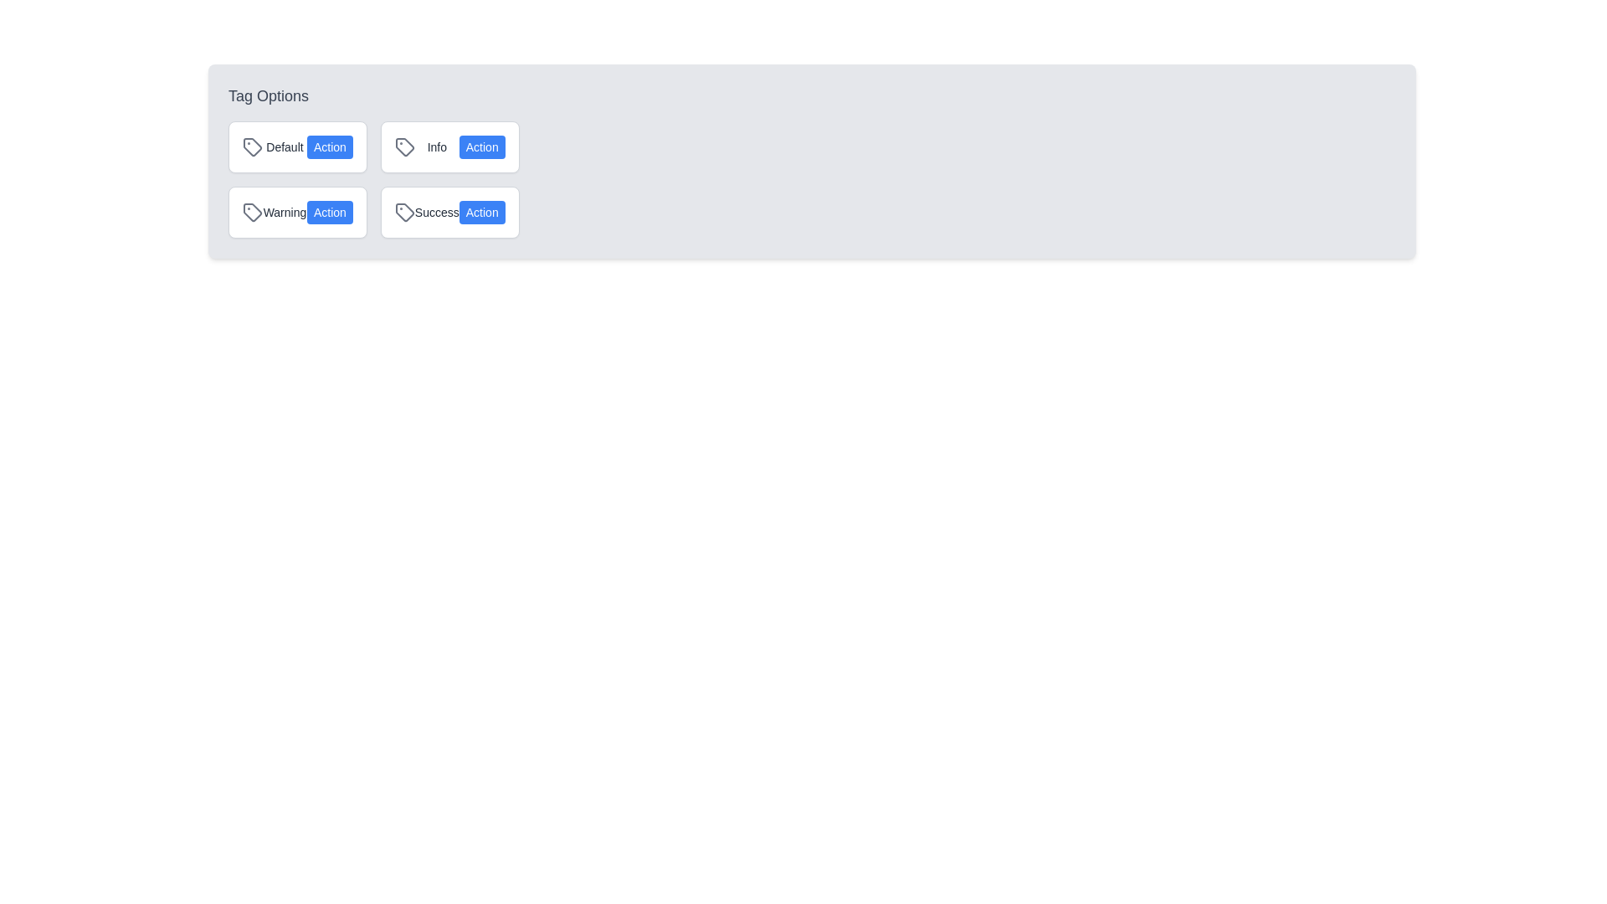  What do you see at coordinates (404, 212) in the screenshot?
I see `the tag icon located in the bottom-right corner of the 'Success' labeled UI component` at bounding box center [404, 212].